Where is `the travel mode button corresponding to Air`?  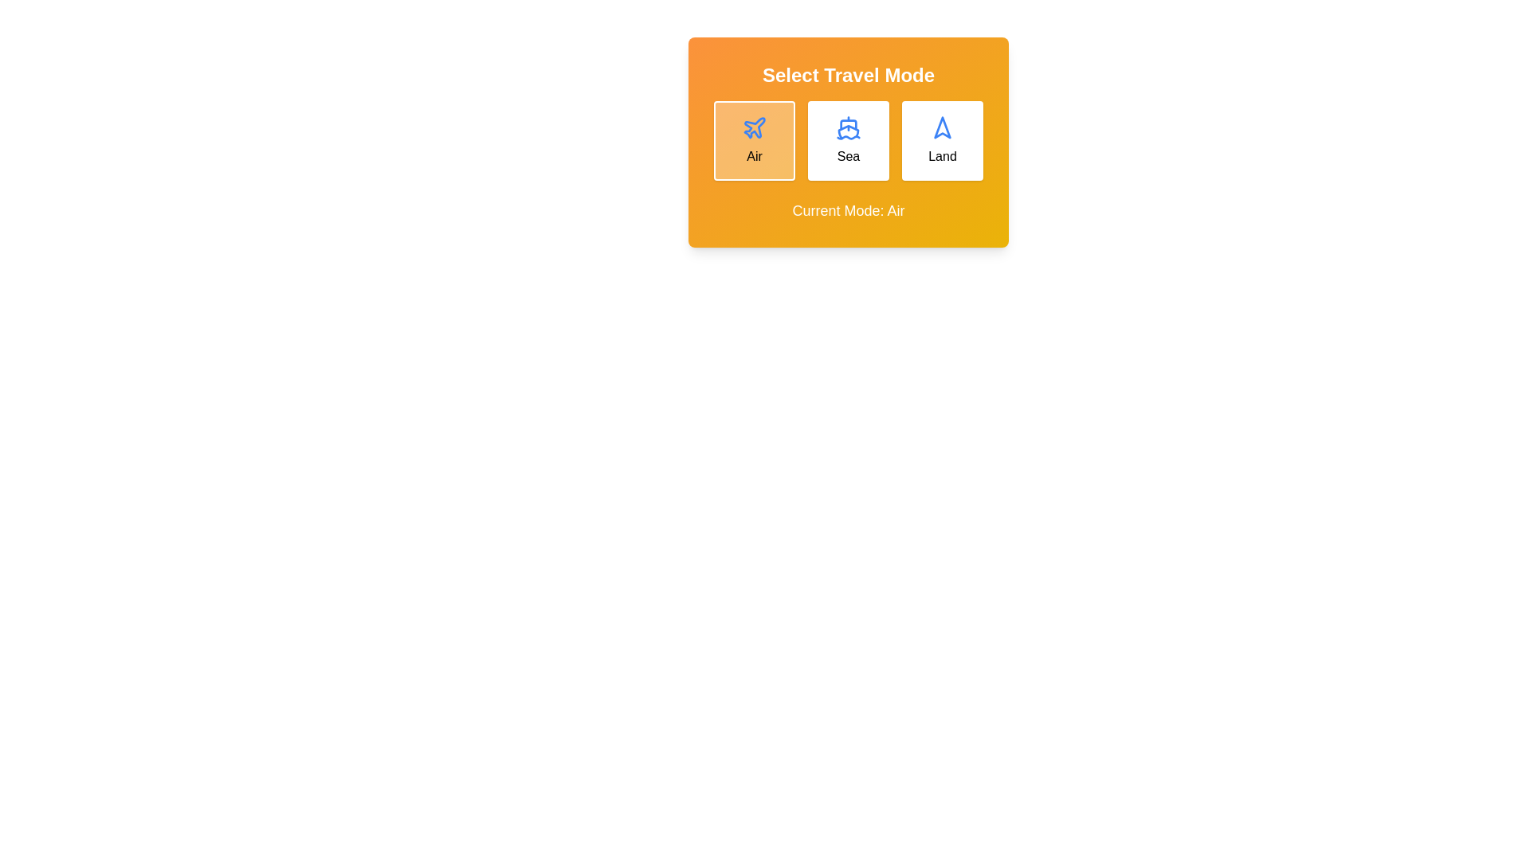
the travel mode button corresponding to Air is located at coordinates (753, 140).